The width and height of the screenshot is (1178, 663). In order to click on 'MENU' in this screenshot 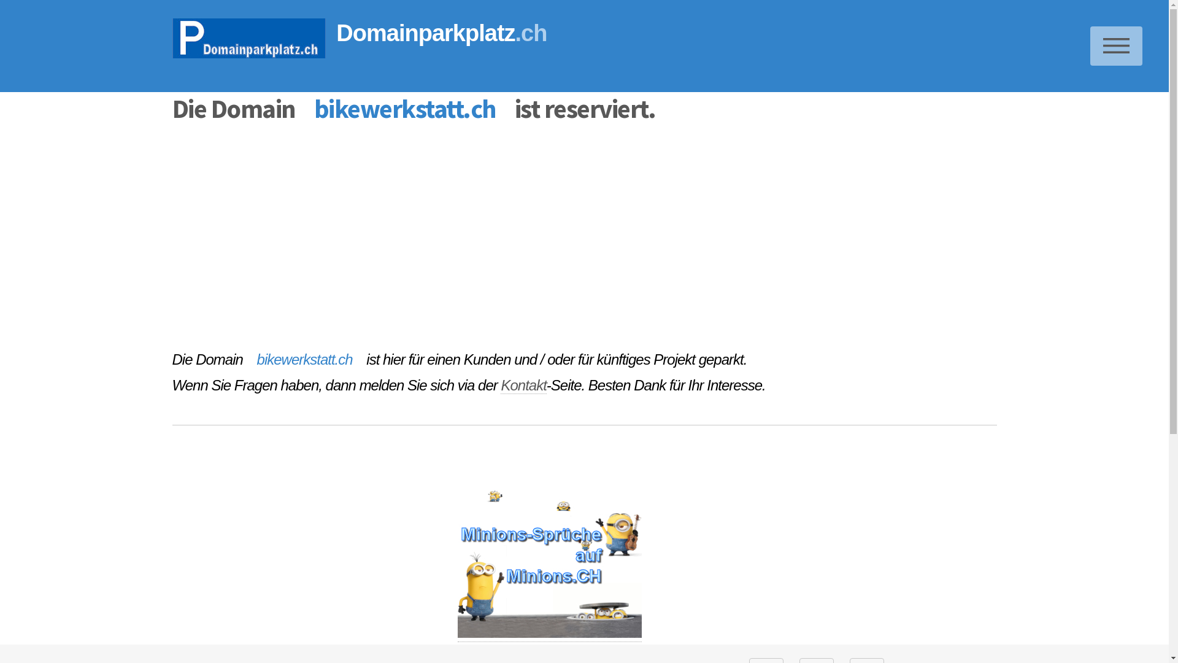, I will do `click(1116, 45)`.